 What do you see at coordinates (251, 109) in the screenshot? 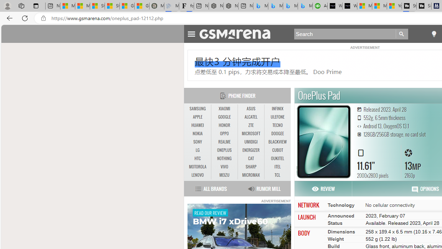
I see `'ASUS'` at bounding box center [251, 109].